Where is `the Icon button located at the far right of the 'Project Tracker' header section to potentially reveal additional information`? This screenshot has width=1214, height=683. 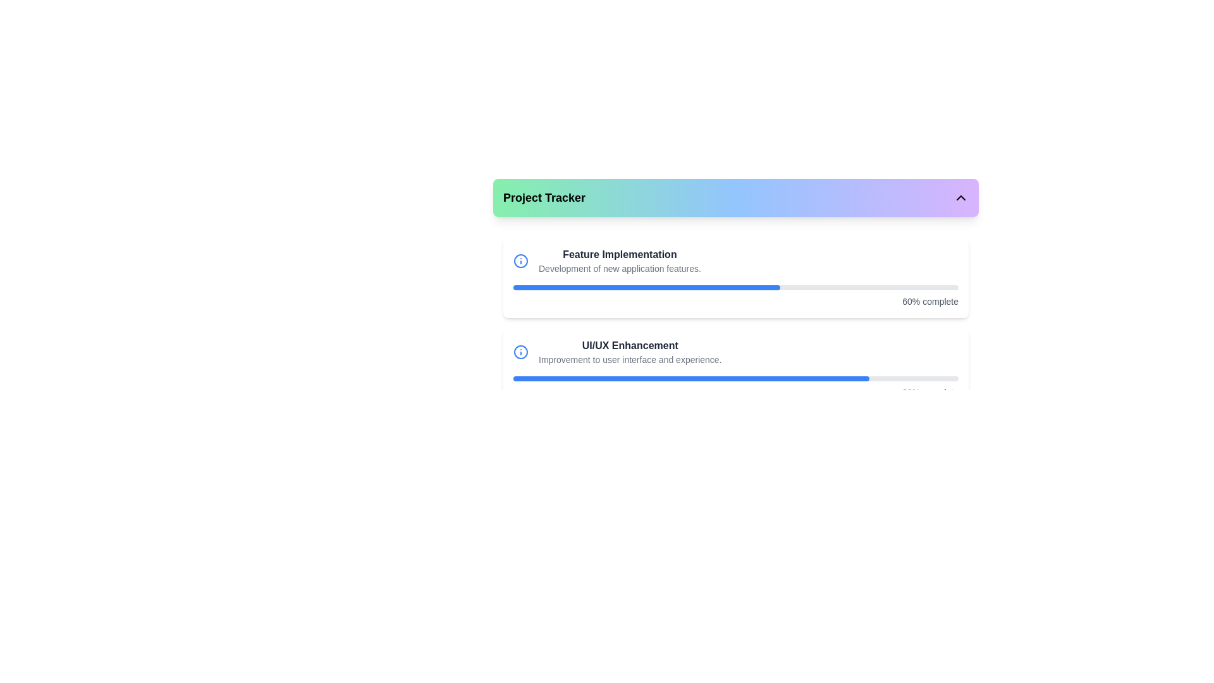 the Icon button located at the far right of the 'Project Tracker' header section to potentially reveal additional information is located at coordinates (961, 197).